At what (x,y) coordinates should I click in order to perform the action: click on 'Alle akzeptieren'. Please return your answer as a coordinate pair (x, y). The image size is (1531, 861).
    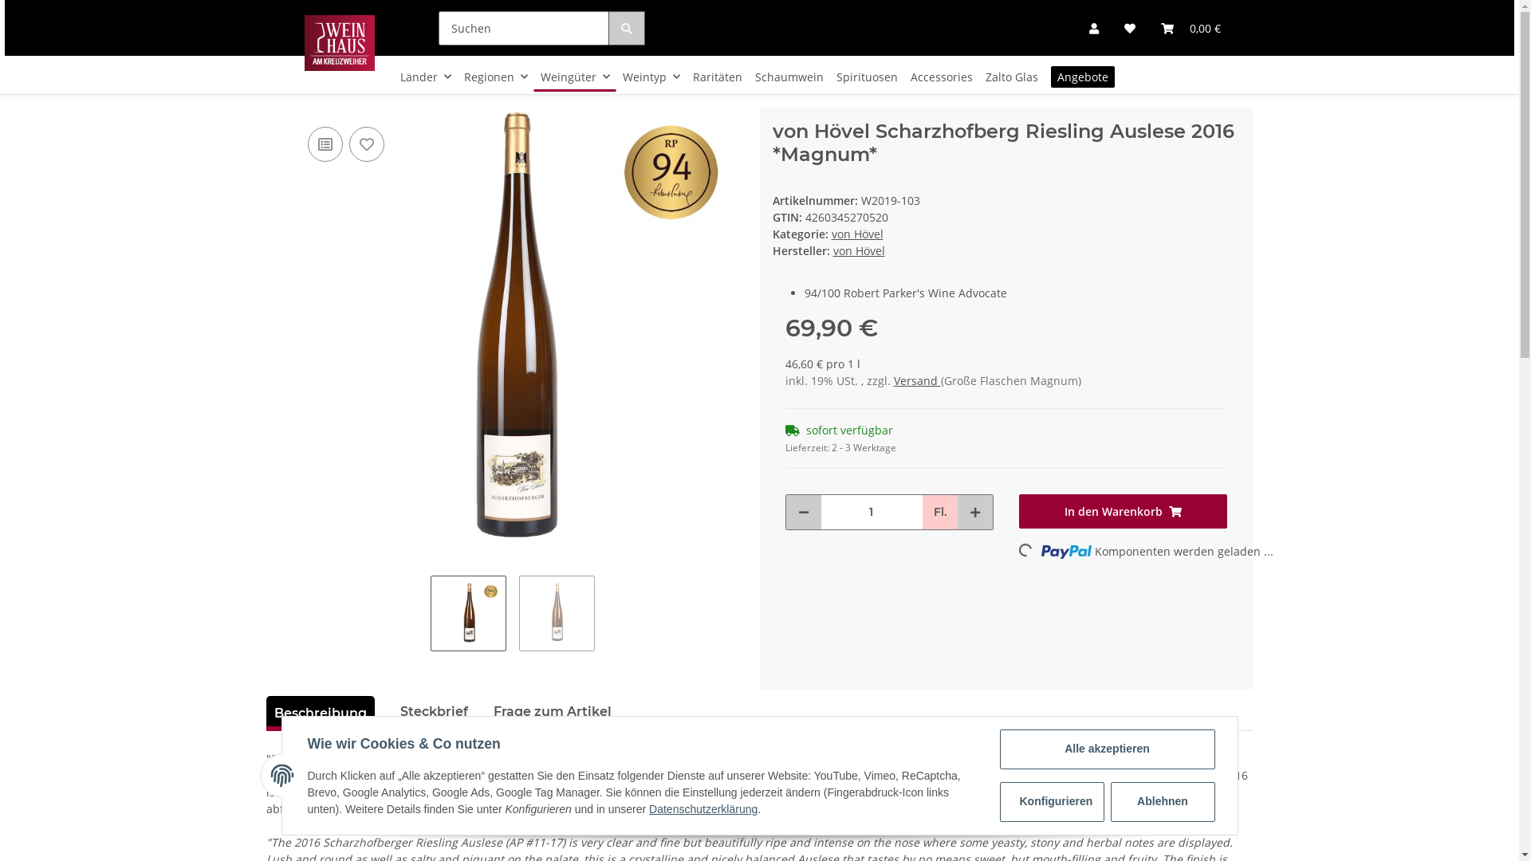
    Looking at the image, I should click on (1106, 749).